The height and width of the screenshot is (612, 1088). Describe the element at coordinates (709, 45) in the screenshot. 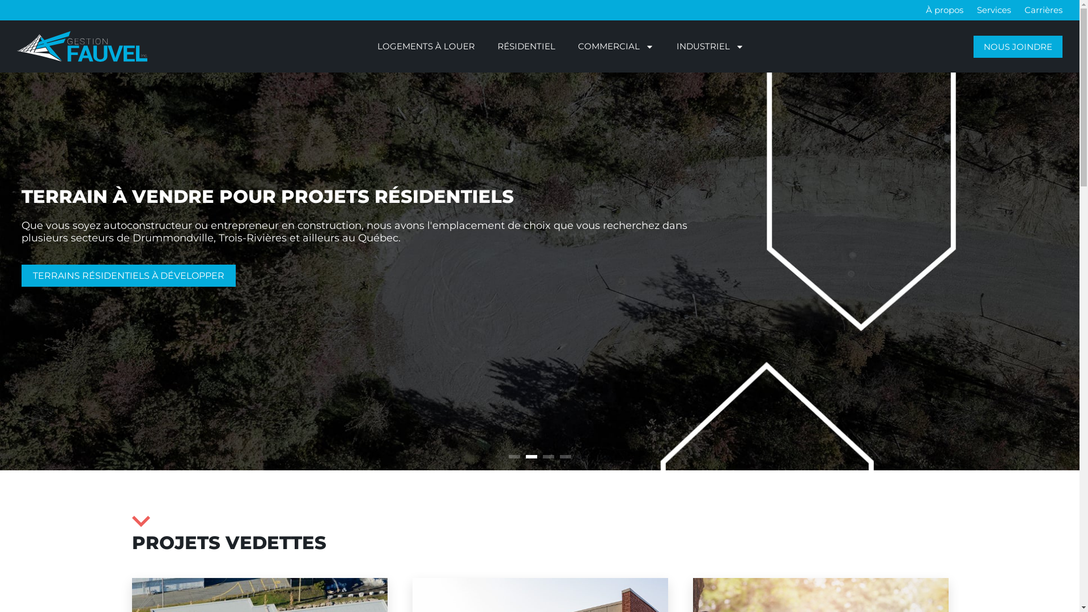

I see `'INDUSTRIEL'` at that location.